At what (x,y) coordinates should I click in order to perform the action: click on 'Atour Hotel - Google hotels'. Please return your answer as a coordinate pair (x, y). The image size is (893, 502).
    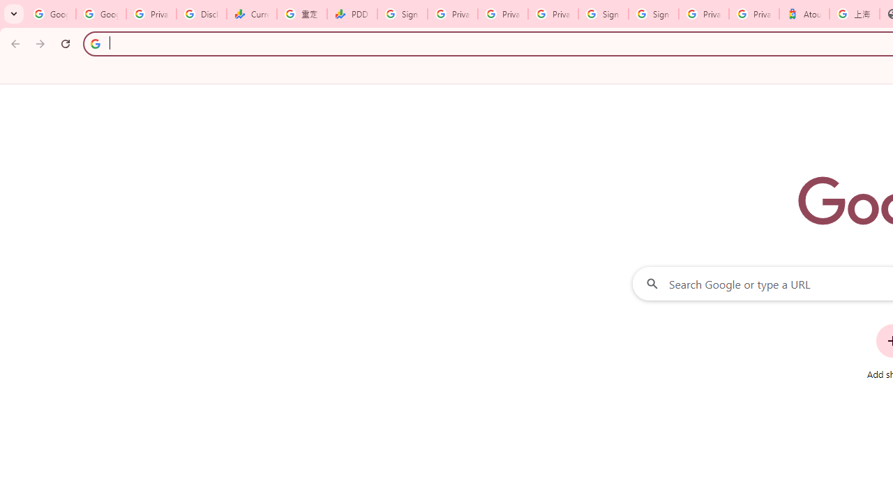
    Looking at the image, I should click on (804, 14).